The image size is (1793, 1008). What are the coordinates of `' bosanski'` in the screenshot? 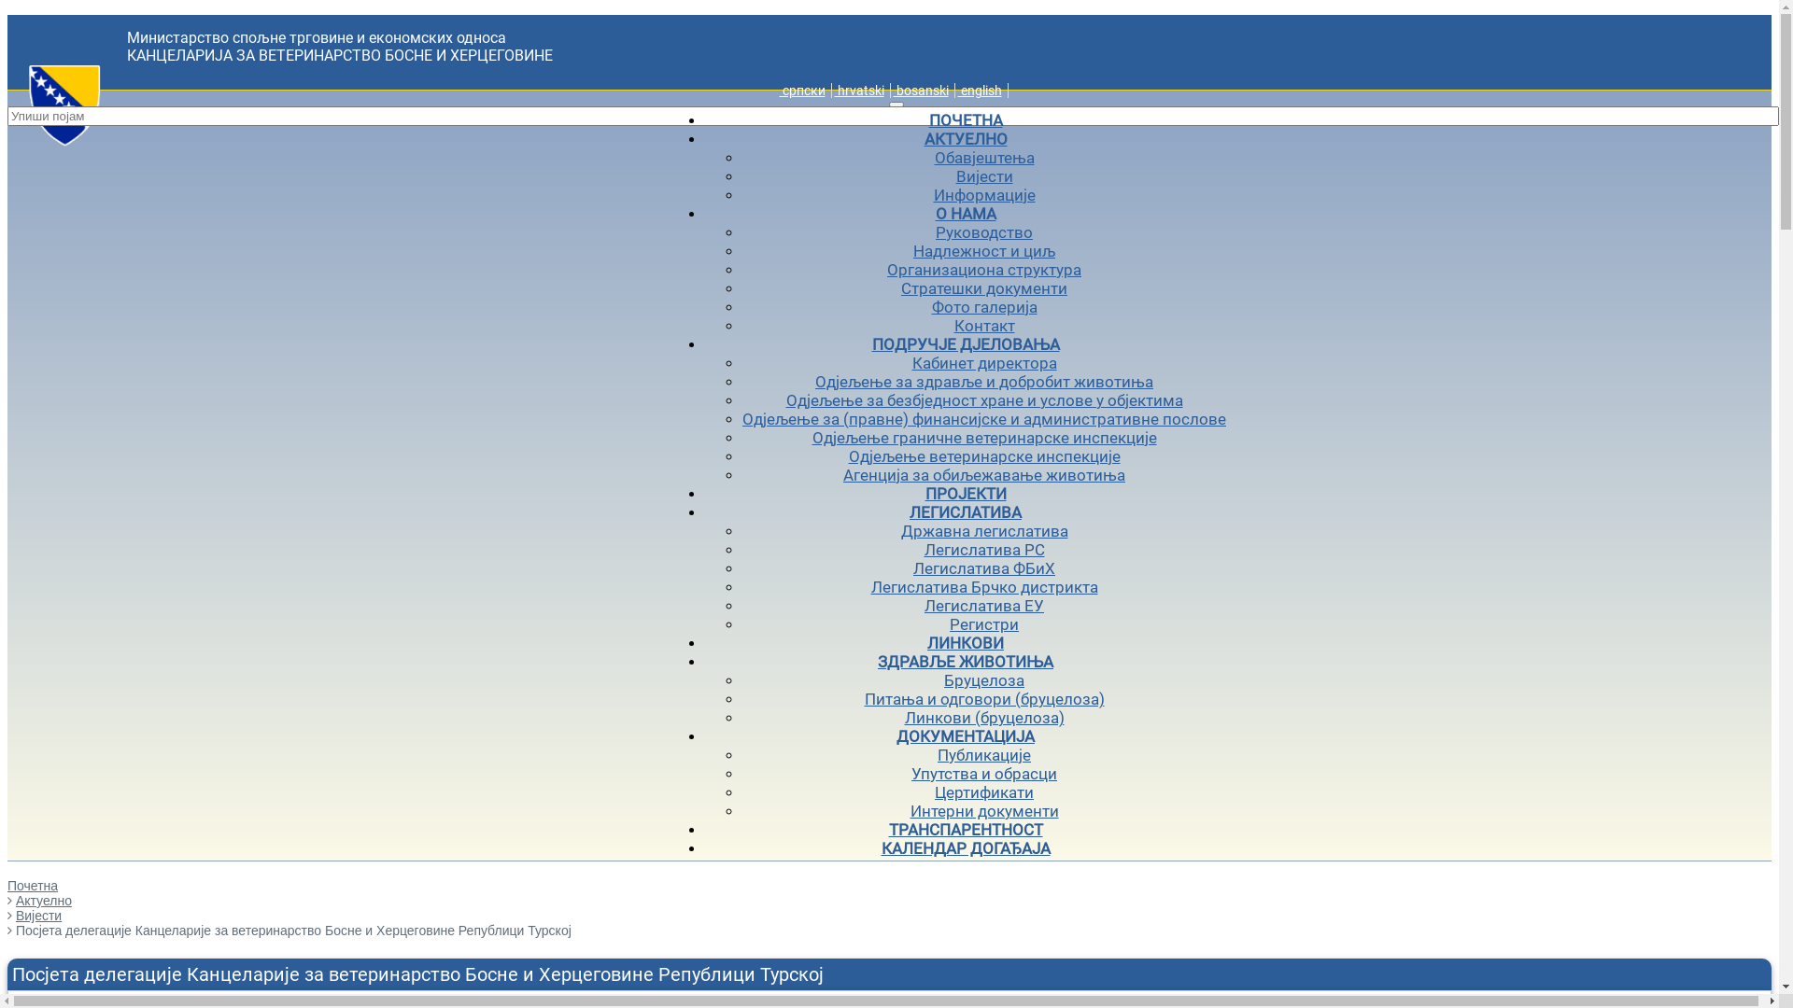 It's located at (920, 90).